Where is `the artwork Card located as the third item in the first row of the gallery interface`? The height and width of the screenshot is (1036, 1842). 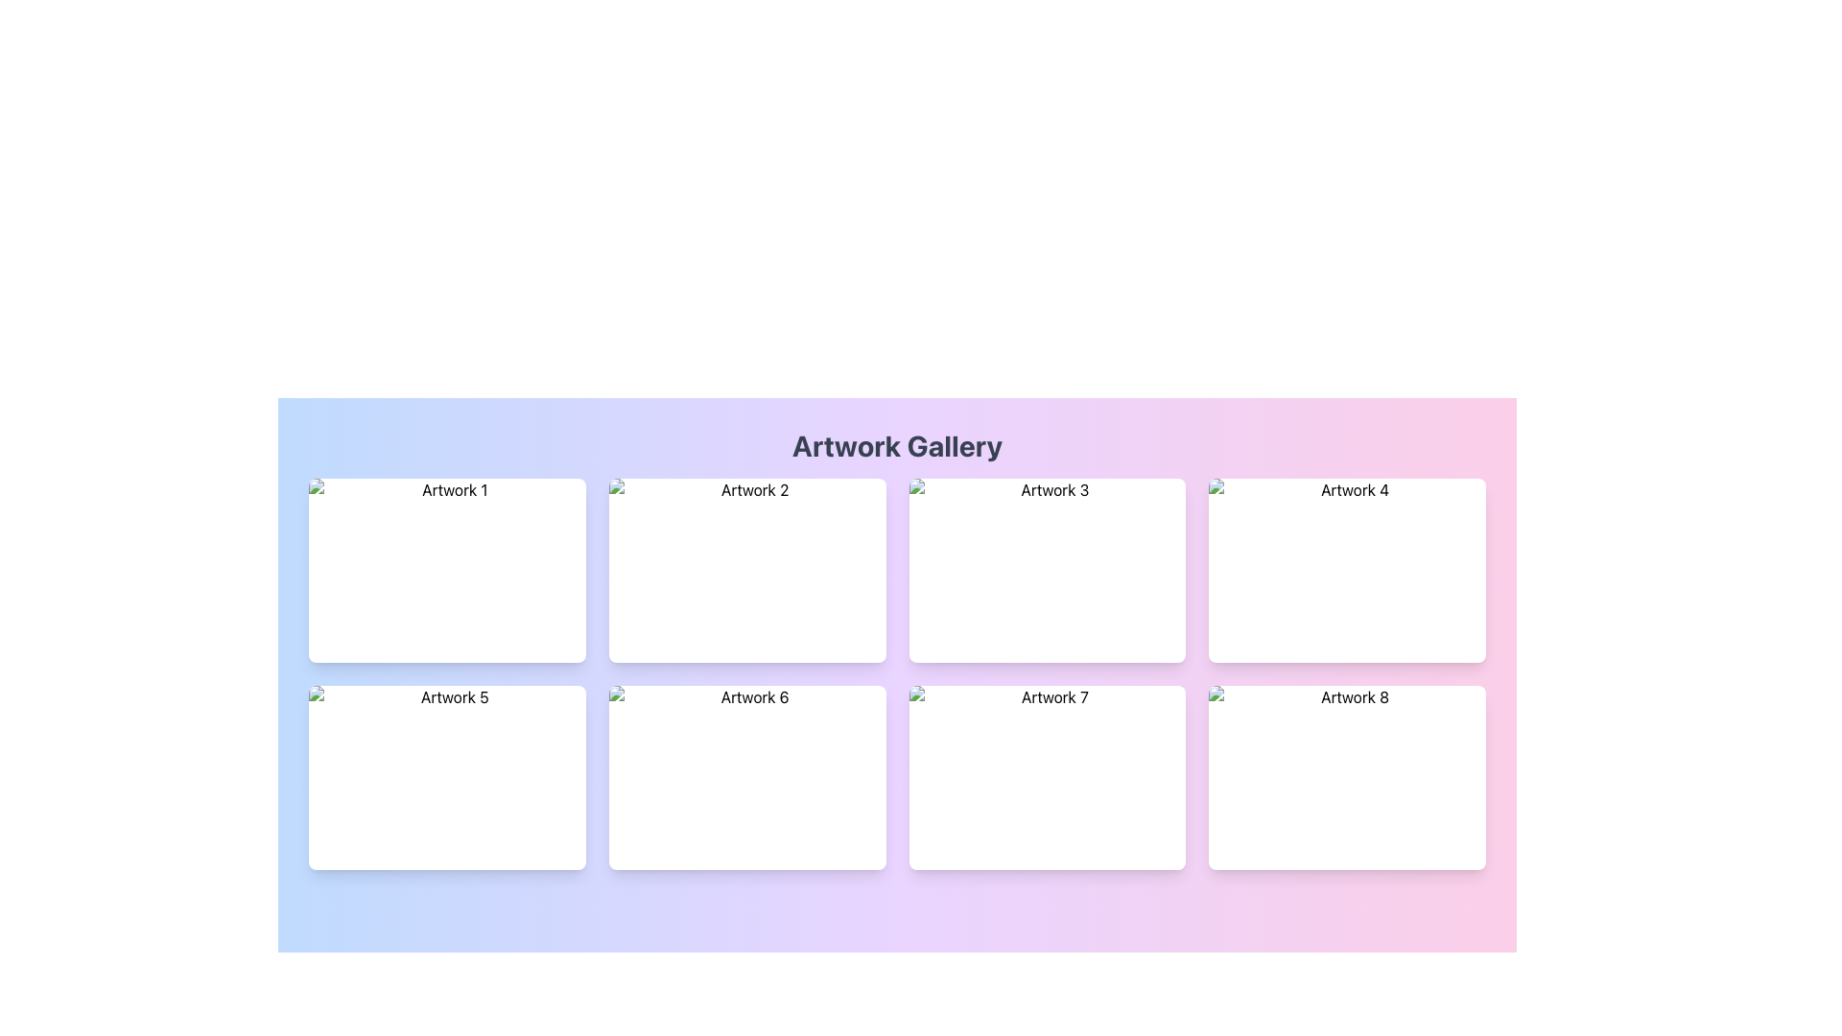 the artwork Card located as the third item in the first row of the gallery interface is located at coordinates (1046, 569).